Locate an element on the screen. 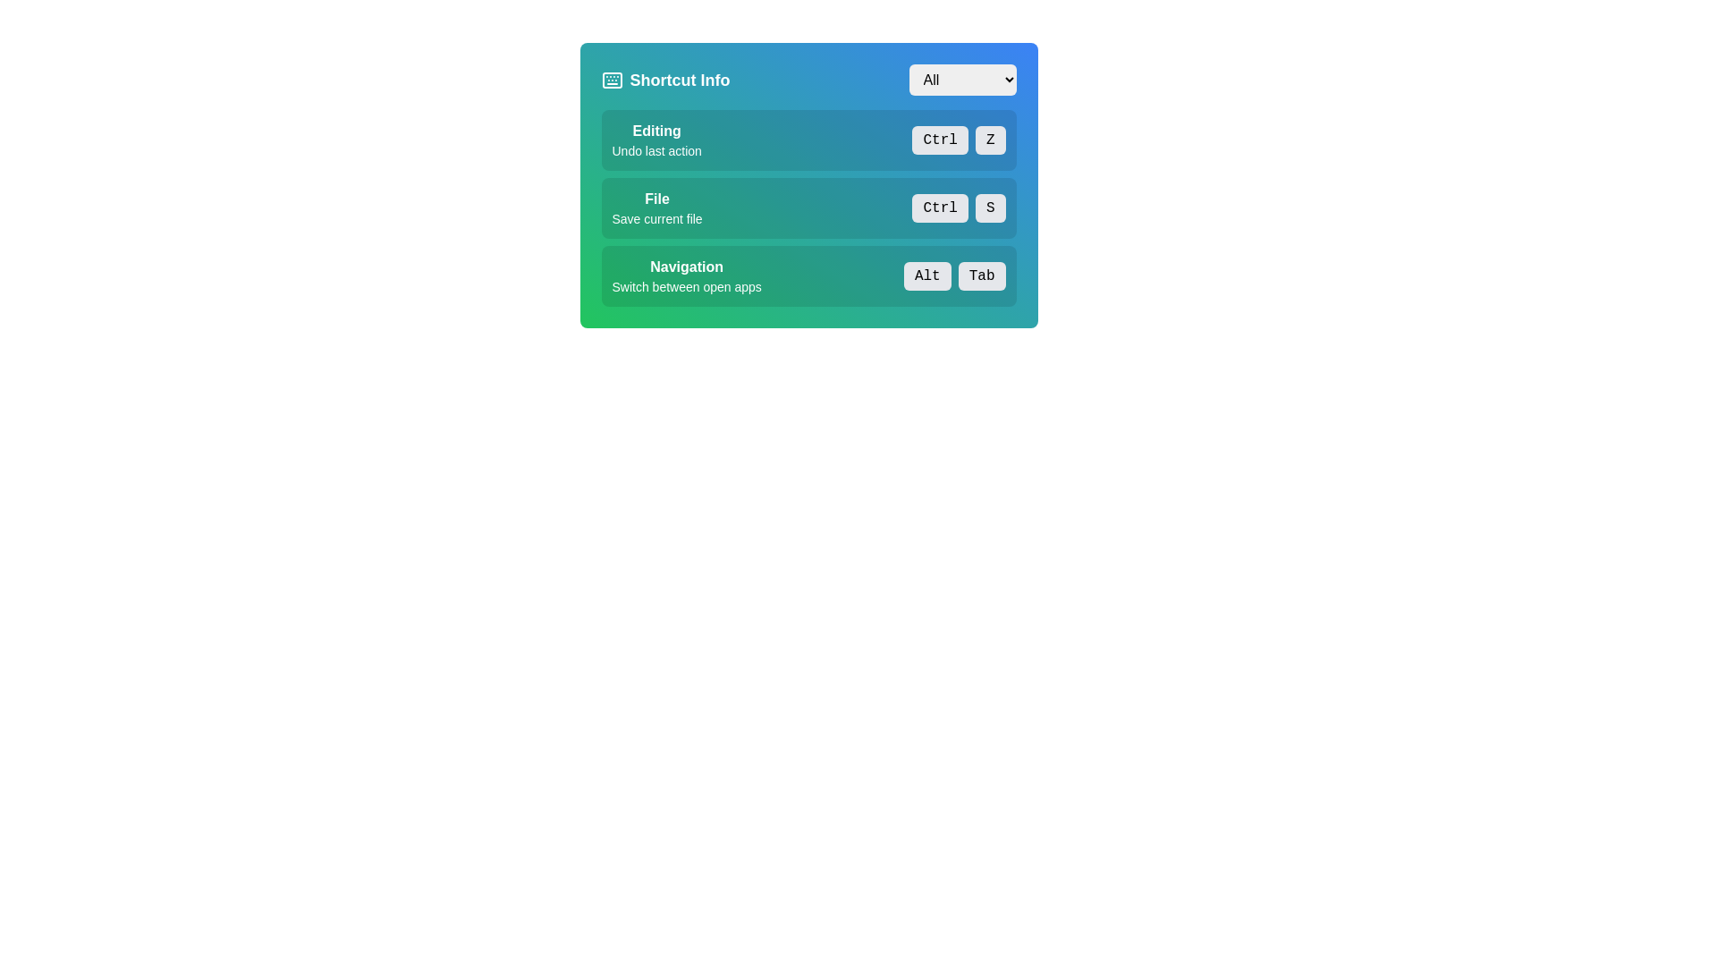 Image resolution: width=1717 pixels, height=966 pixels. the keyboard icon located at the top-left corner of the card next to the title 'Shortcut Info' is located at coordinates (612, 79).